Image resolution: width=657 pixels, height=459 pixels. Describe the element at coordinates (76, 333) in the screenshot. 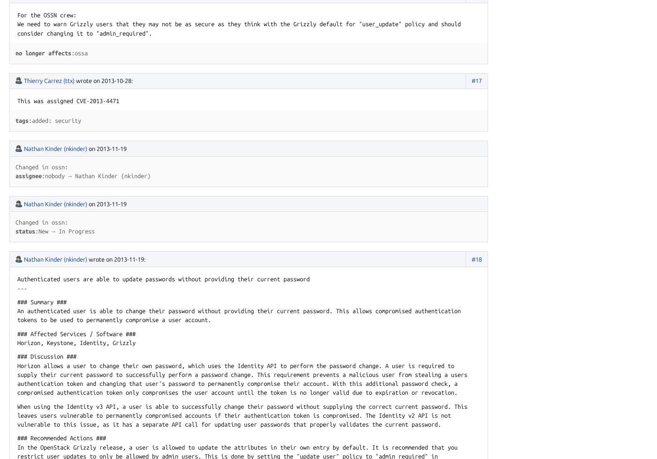

I see `'### Affected Services / Software ###'` at that location.